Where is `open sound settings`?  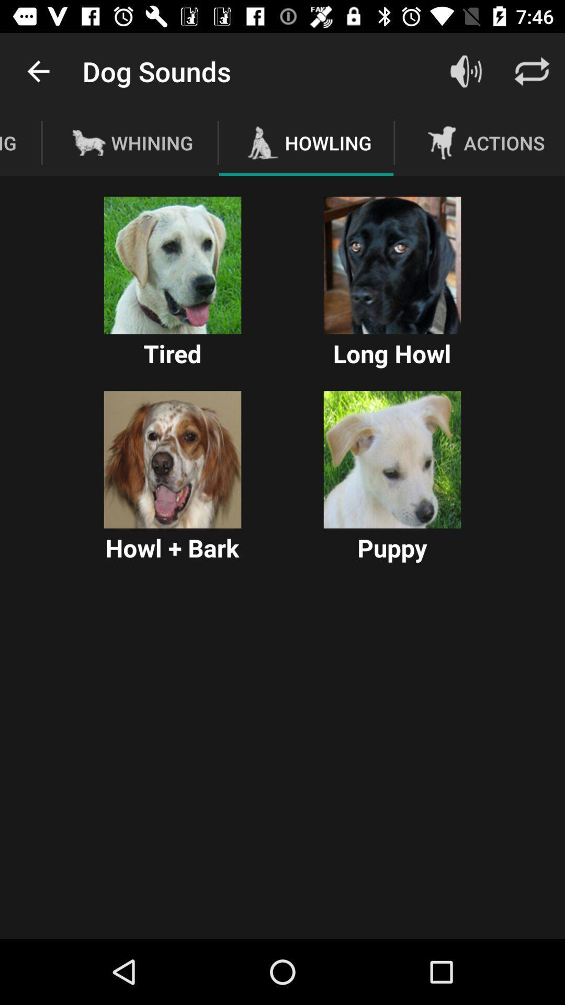 open sound settings is located at coordinates (466, 71).